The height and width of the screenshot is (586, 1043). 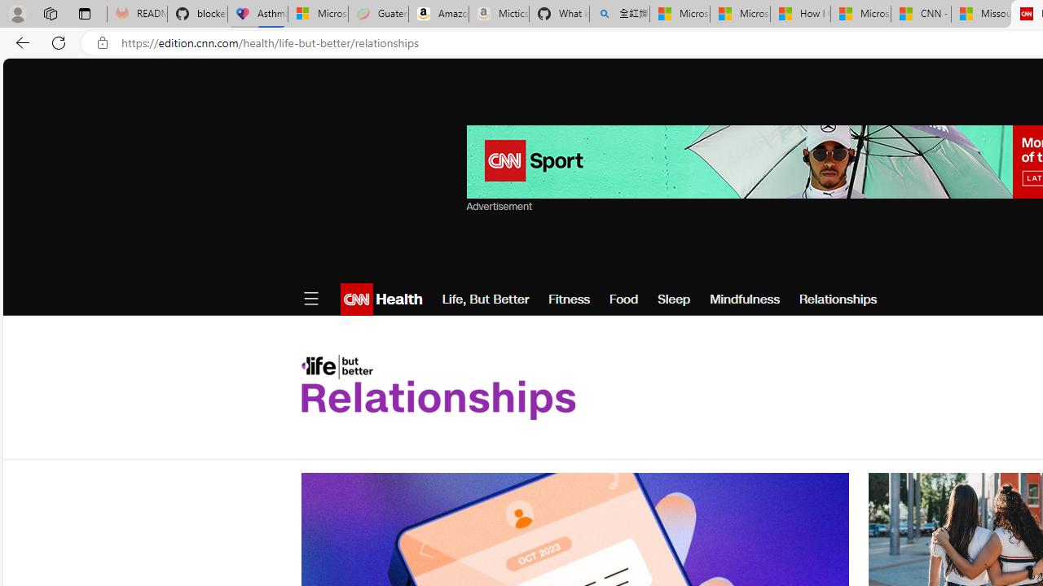 I want to click on 'Food', so click(x=623, y=299).